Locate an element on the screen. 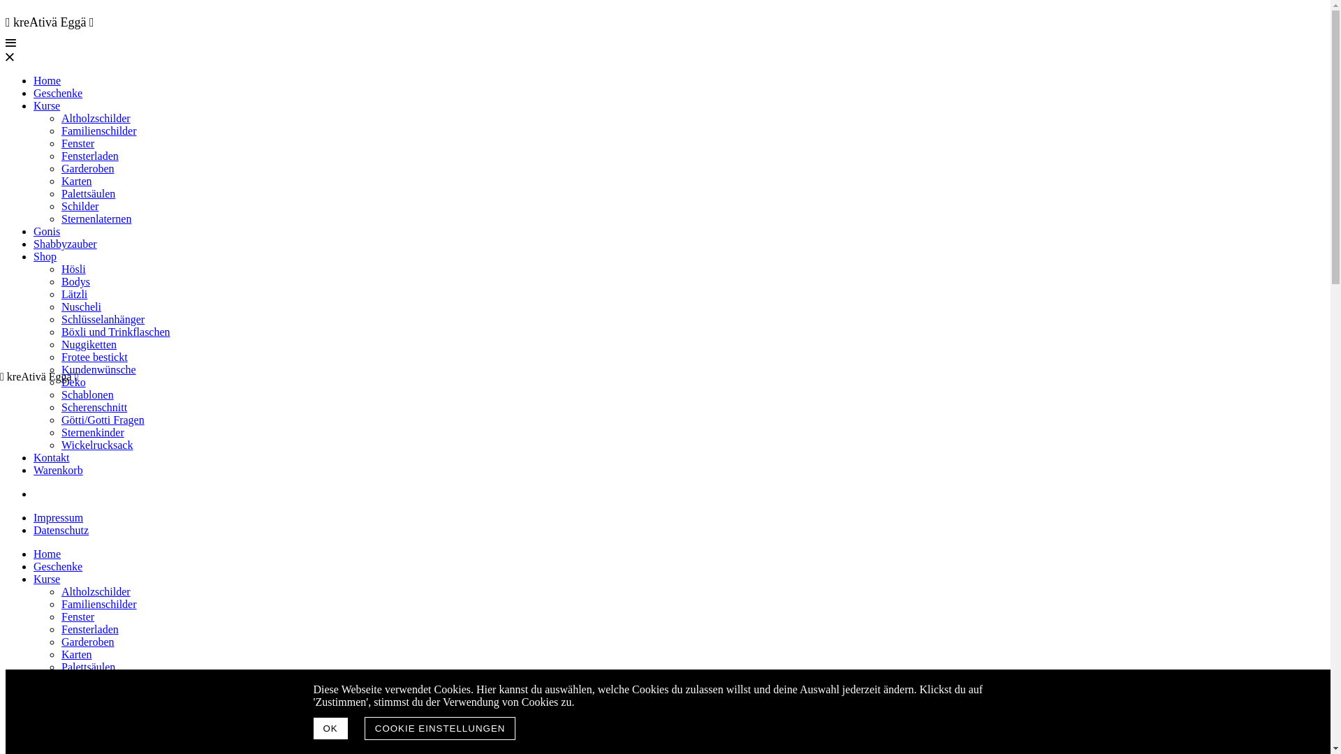 This screenshot has height=754, width=1341. 'Nuscheli' is located at coordinates (80, 306).